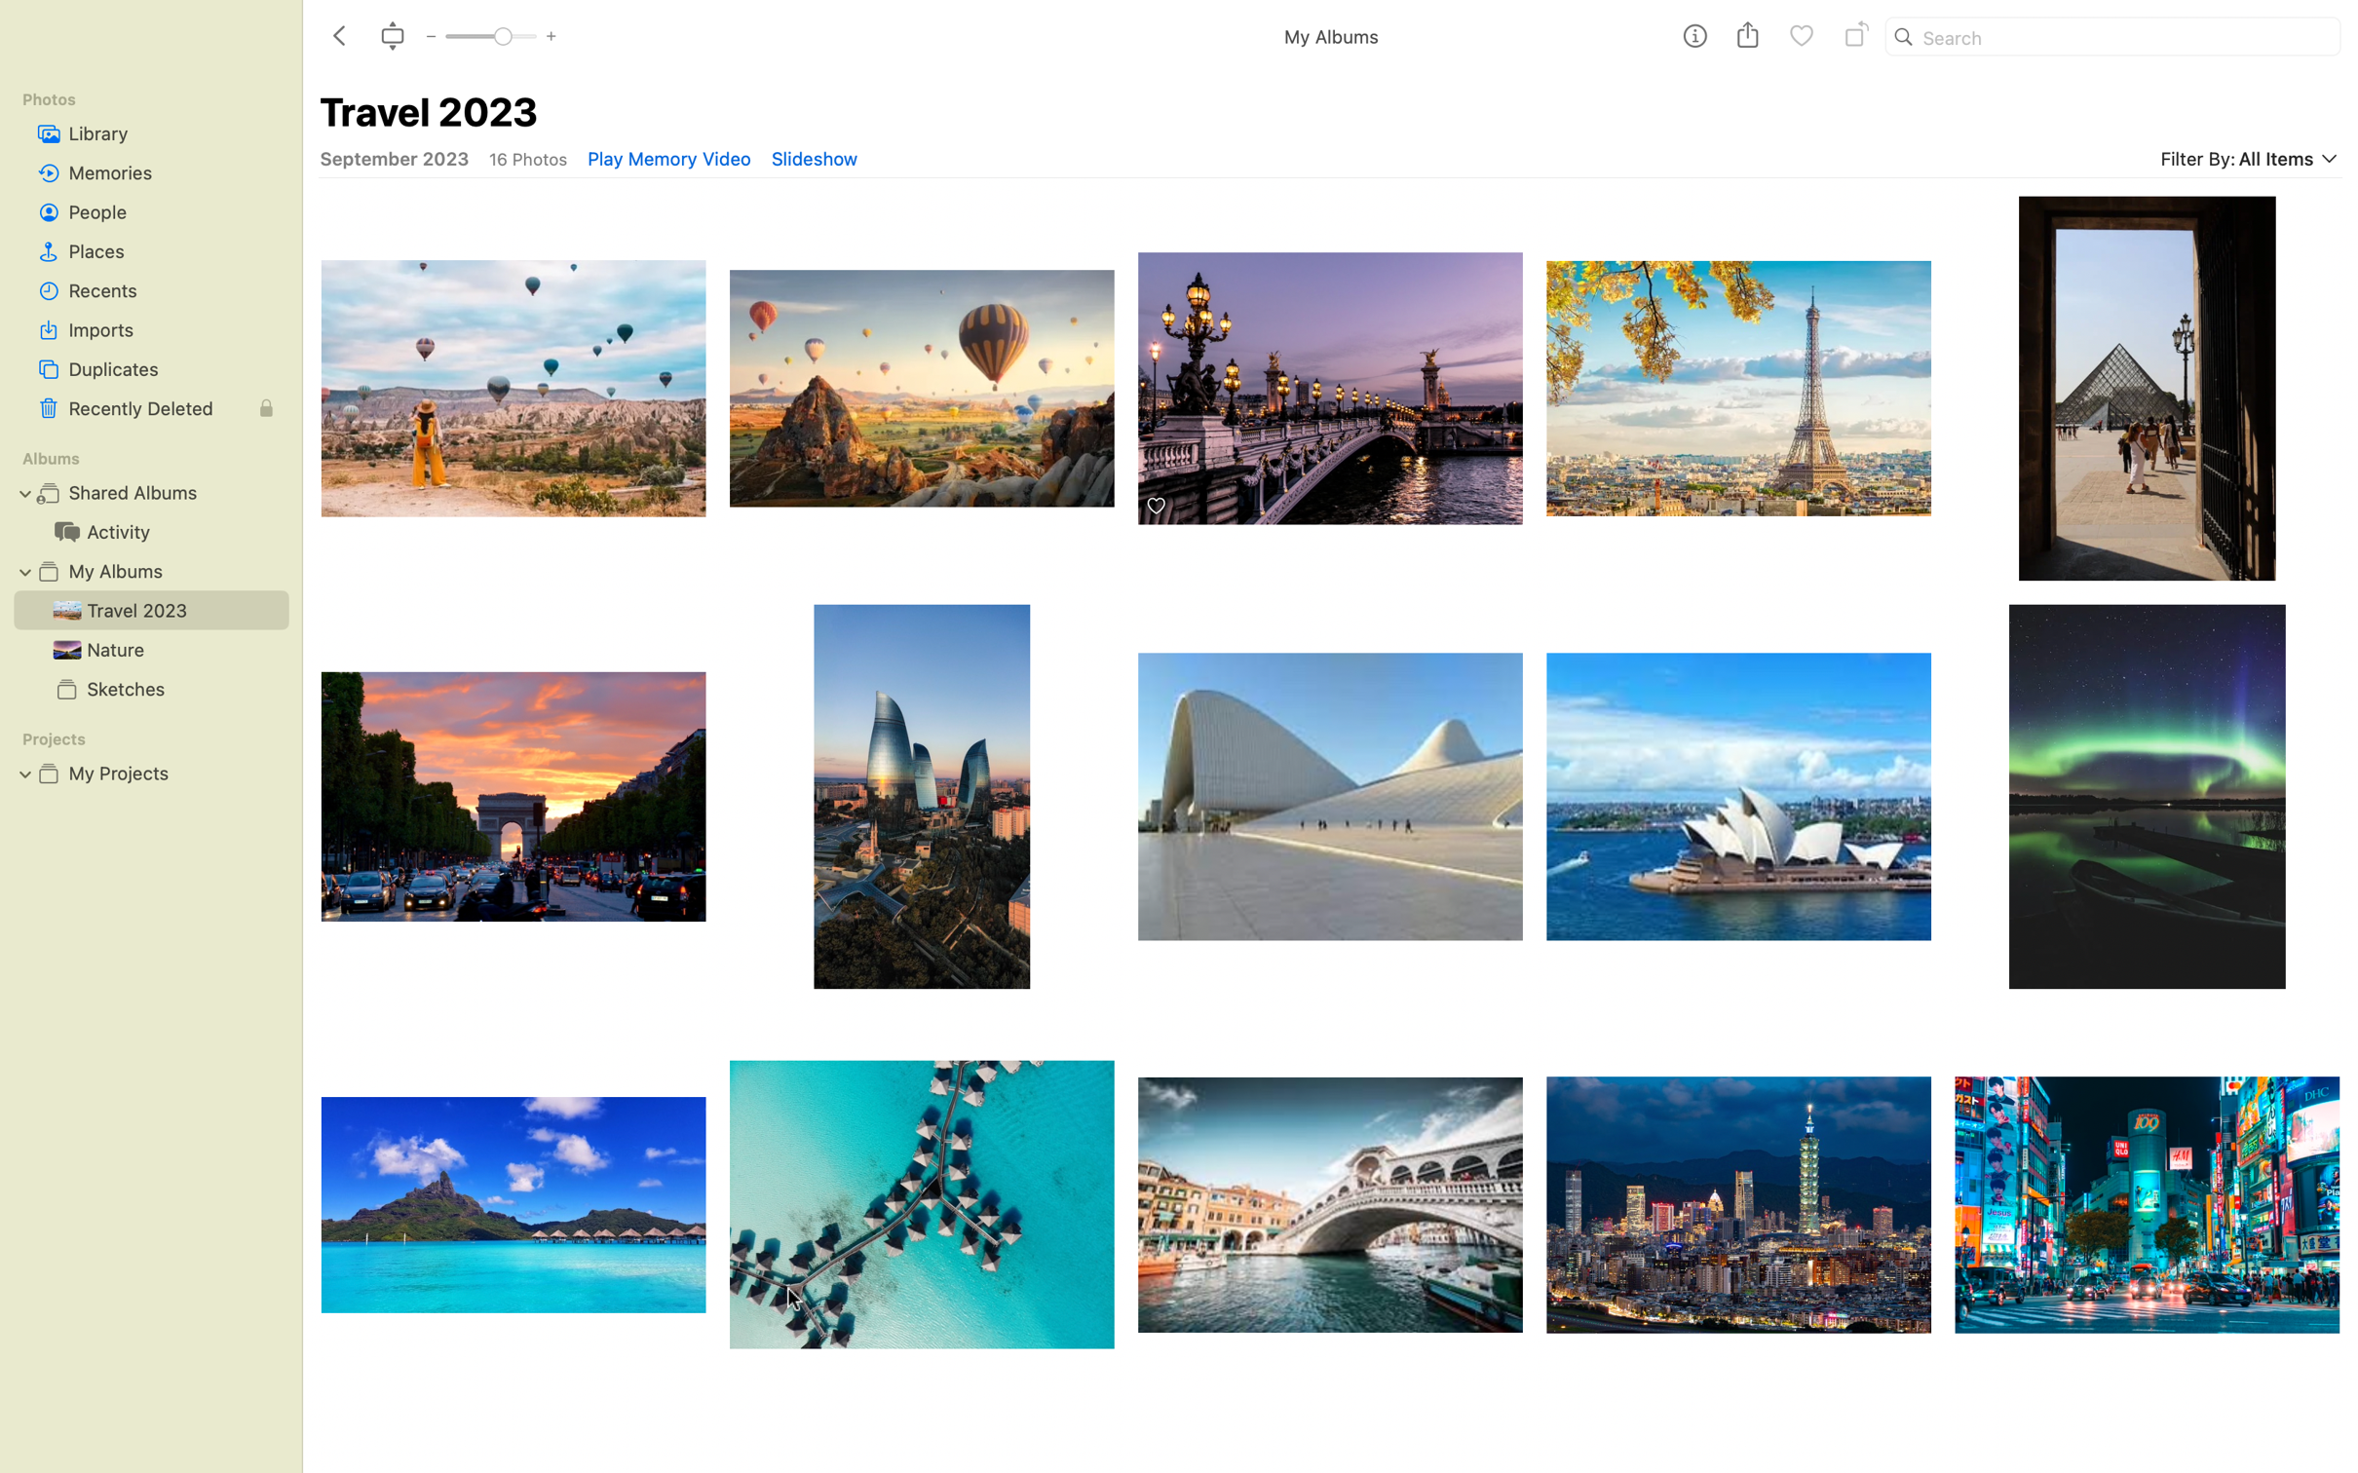 This screenshot has width=2358, height=1473. What do you see at coordinates (1739, 795) in the screenshot?
I see `Decide upon the photo of Sydney"s Lotus Temple` at bounding box center [1739, 795].